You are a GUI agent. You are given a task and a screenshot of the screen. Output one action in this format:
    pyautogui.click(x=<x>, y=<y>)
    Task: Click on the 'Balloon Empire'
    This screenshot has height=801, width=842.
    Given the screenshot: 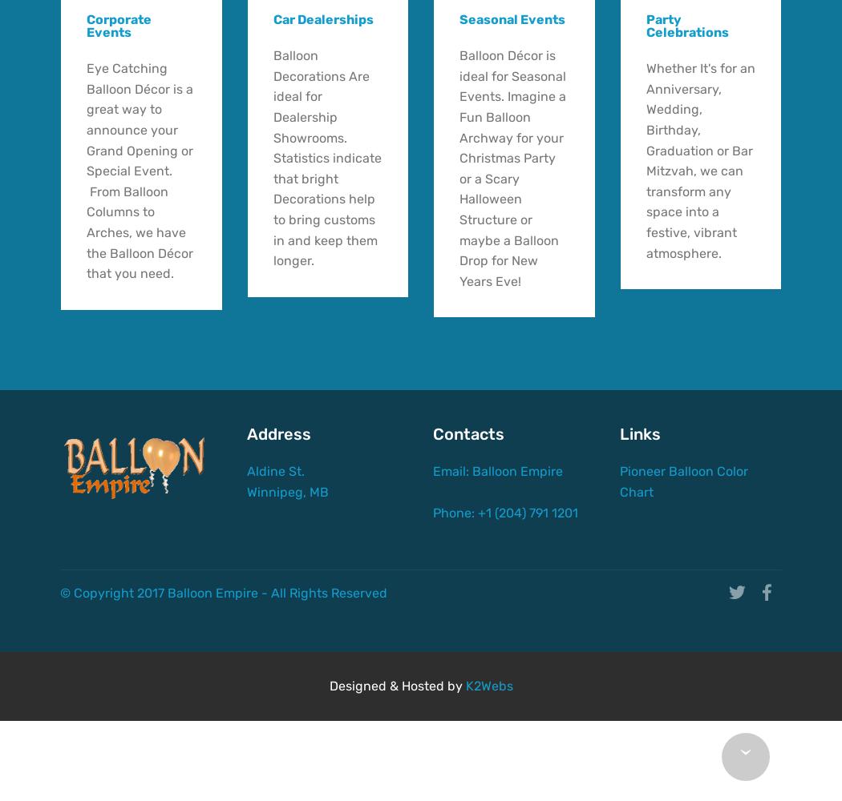 What is the action you would take?
    pyautogui.click(x=518, y=470)
    